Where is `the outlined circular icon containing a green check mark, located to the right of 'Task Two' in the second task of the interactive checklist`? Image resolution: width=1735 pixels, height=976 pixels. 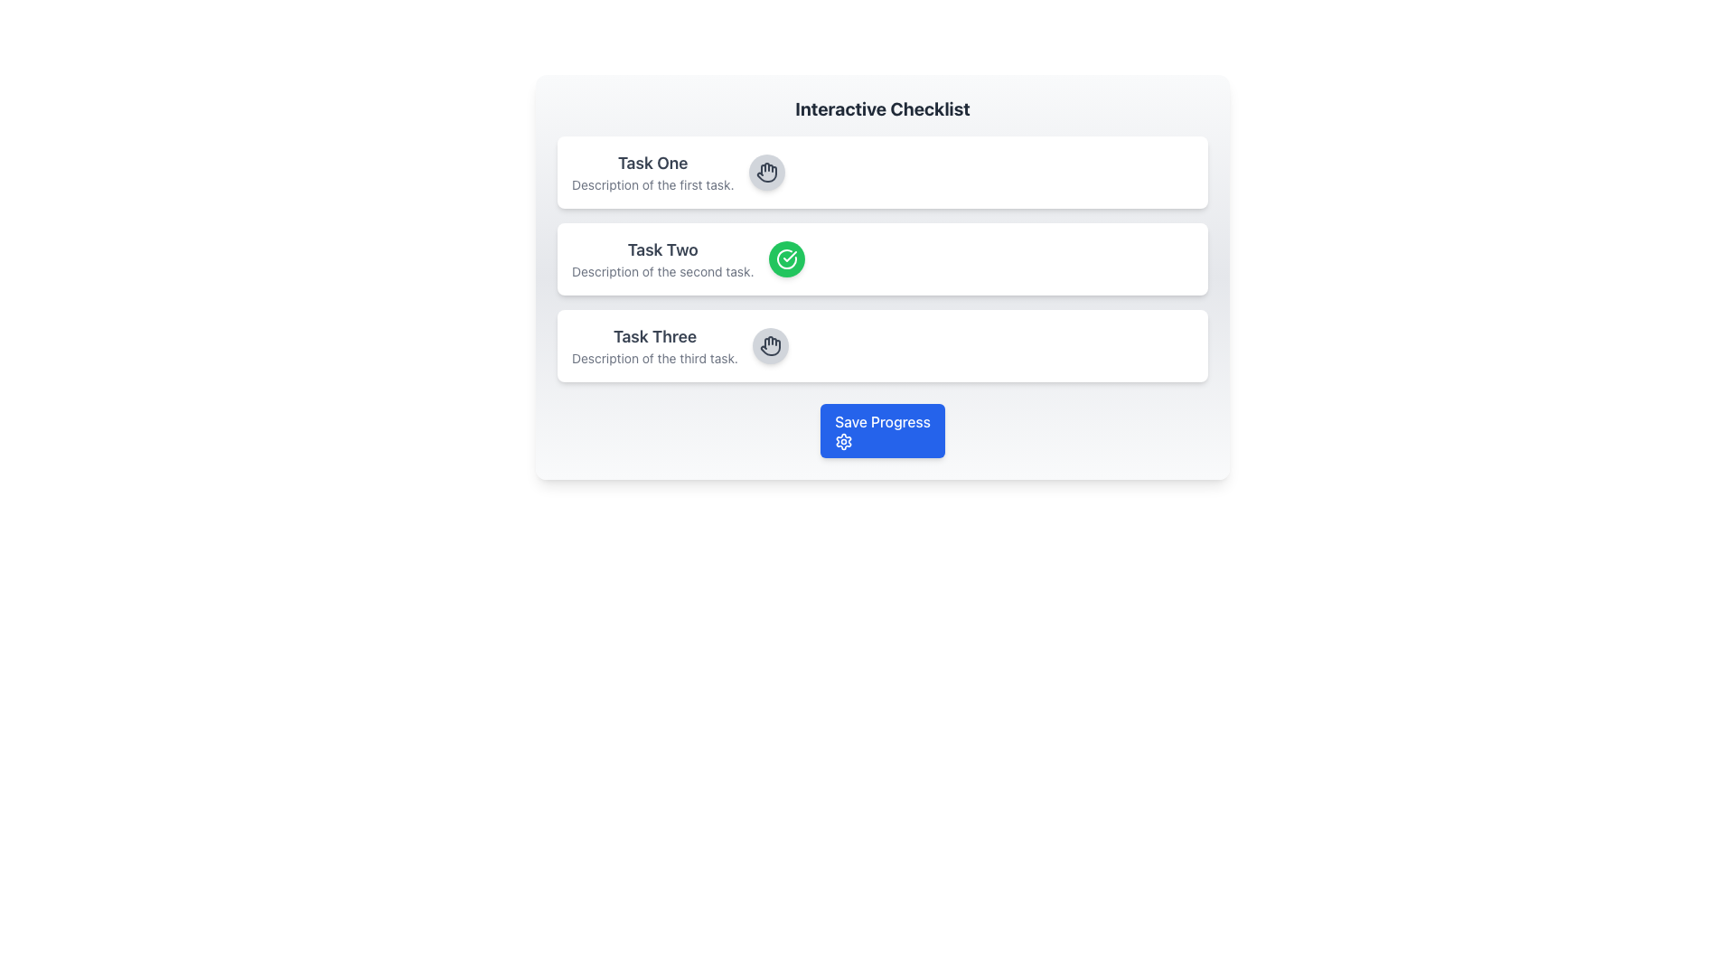 the outlined circular icon containing a green check mark, located to the right of 'Task Two' in the second task of the interactive checklist is located at coordinates (786, 258).